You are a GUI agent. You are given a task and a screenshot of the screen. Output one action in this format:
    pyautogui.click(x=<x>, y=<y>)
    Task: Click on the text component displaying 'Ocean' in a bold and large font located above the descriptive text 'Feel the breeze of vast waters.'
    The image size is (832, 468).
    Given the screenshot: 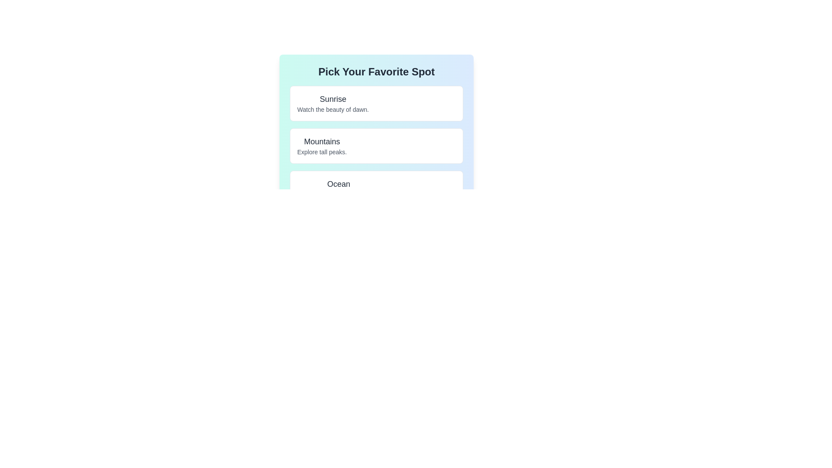 What is the action you would take?
    pyautogui.click(x=338, y=183)
    